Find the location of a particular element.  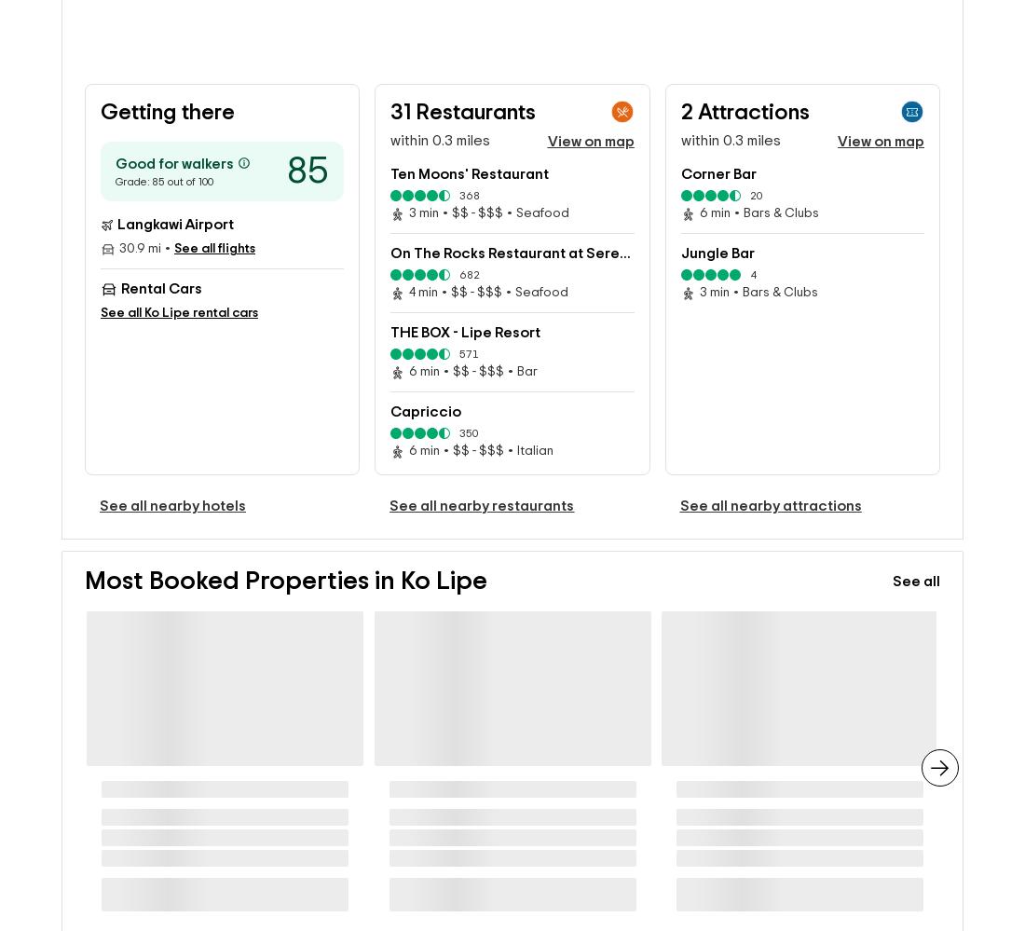

'Jungle Bar' is located at coordinates (717, 223).